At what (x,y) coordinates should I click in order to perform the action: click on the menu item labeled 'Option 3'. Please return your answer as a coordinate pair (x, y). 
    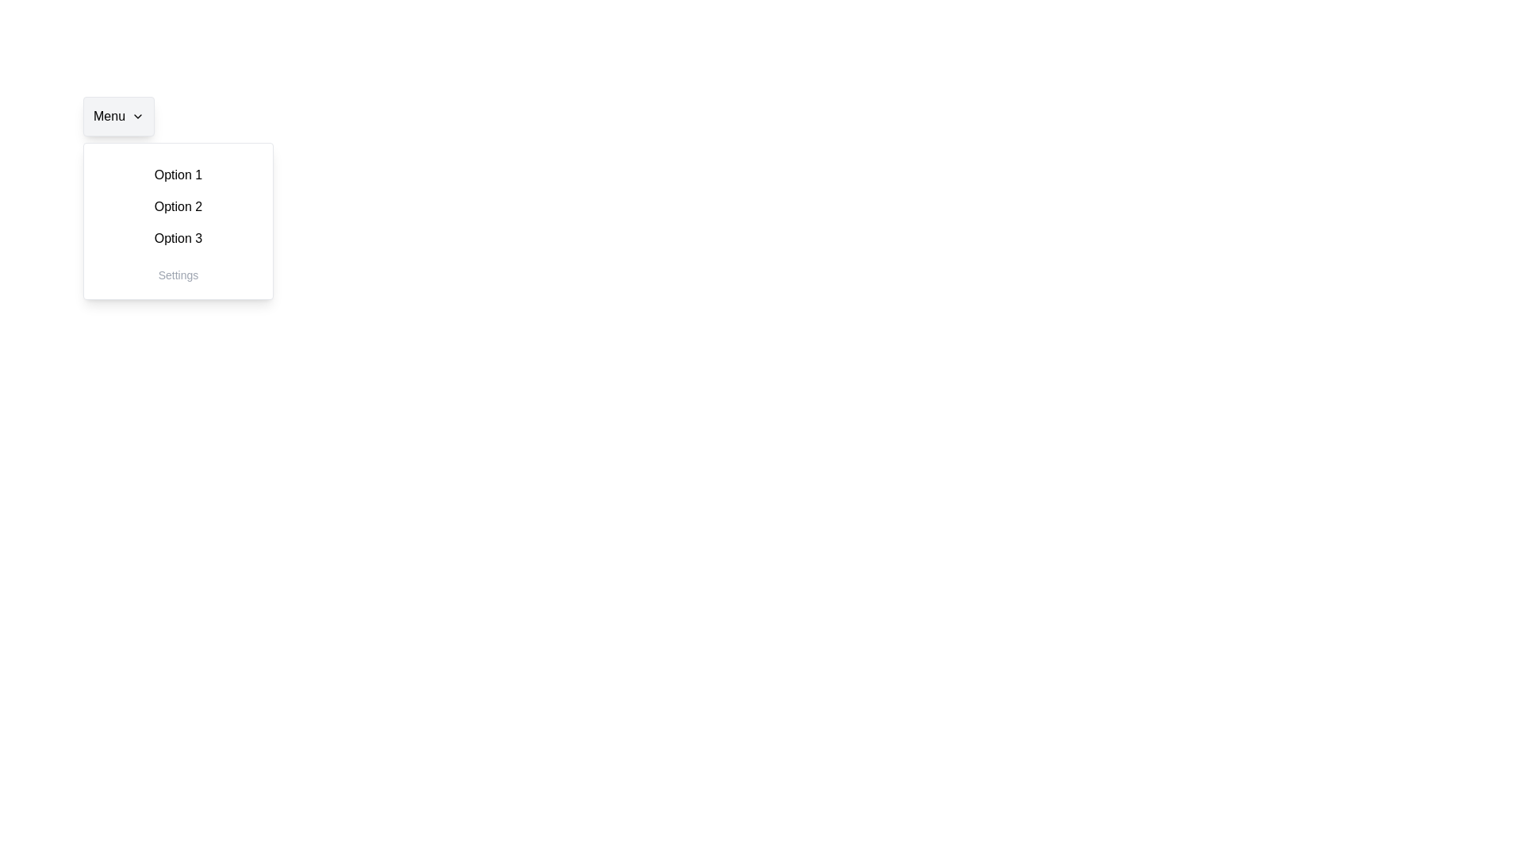
    Looking at the image, I should click on (178, 238).